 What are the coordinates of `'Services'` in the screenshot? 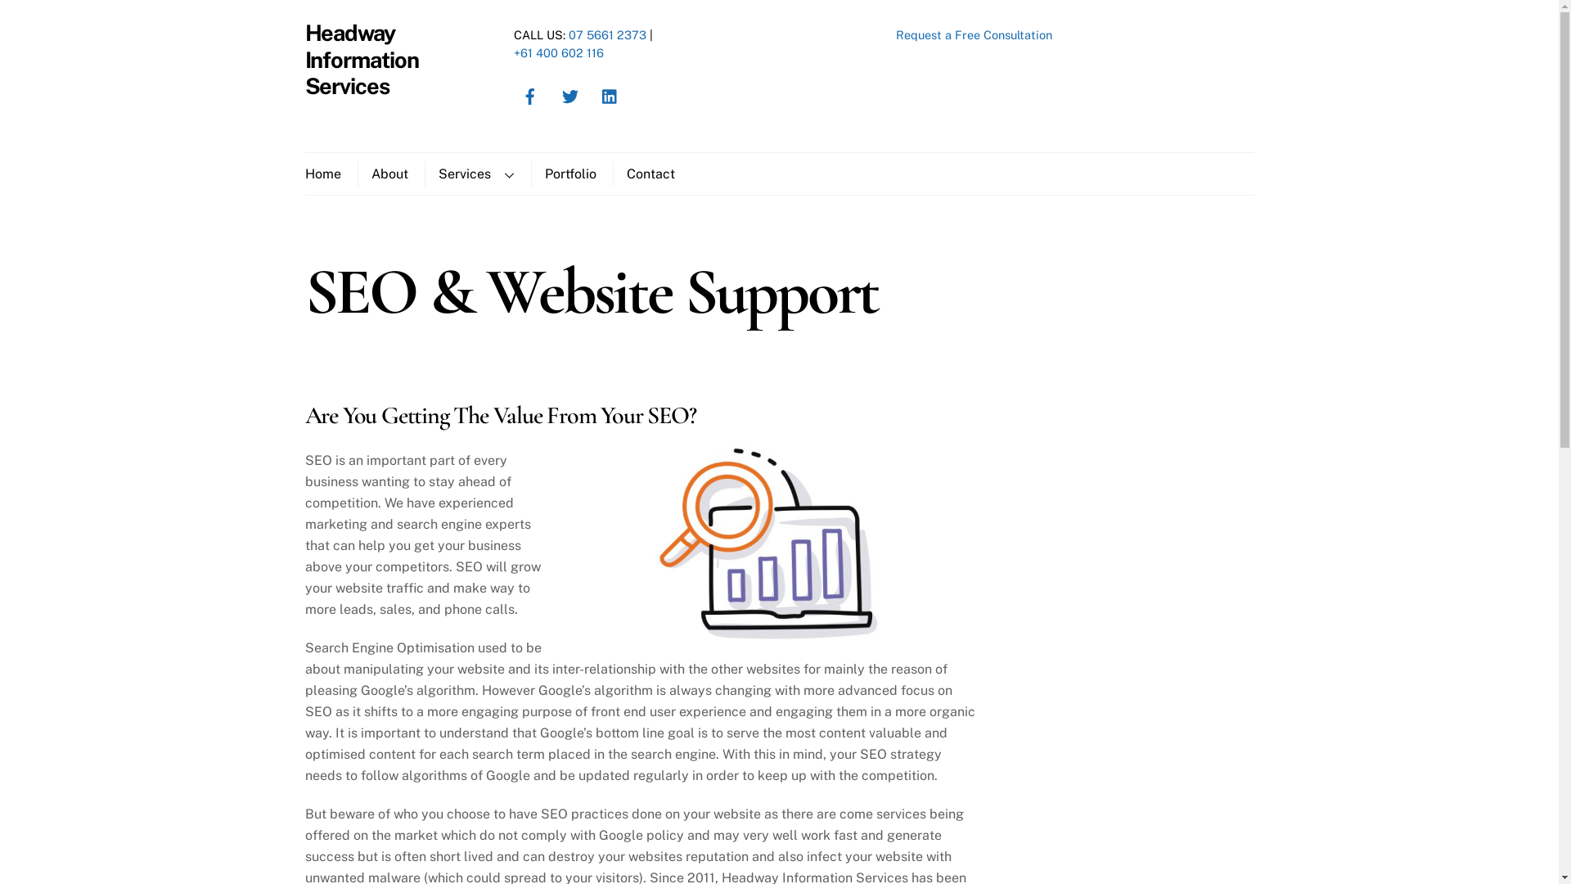 It's located at (474, 174).